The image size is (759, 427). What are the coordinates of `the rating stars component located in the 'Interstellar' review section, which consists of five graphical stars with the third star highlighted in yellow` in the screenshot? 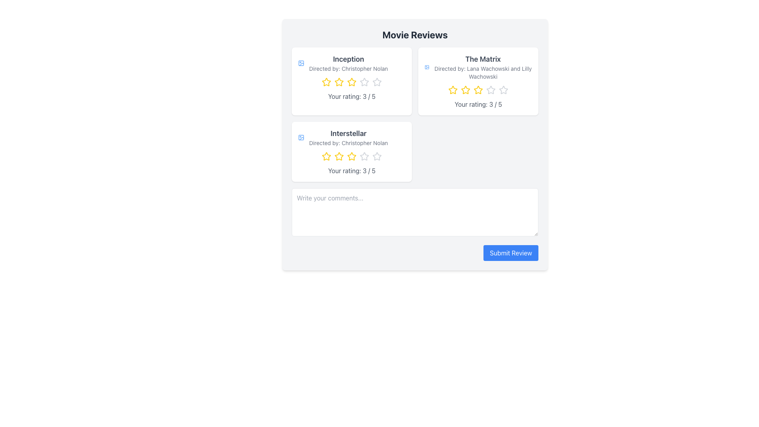 It's located at (351, 157).